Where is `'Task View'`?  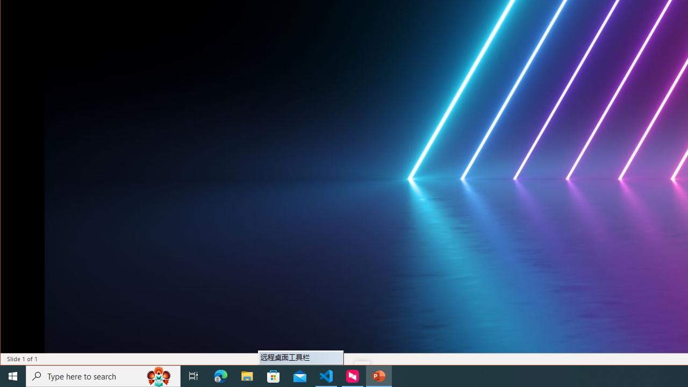
'Task View' is located at coordinates (193, 375).